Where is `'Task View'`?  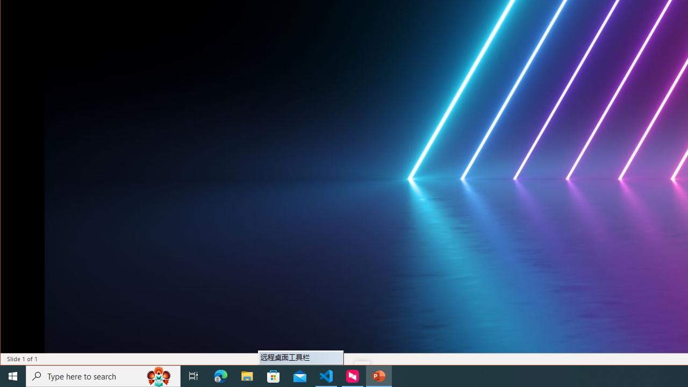
'Task View' is located at coordinates (193, 375).